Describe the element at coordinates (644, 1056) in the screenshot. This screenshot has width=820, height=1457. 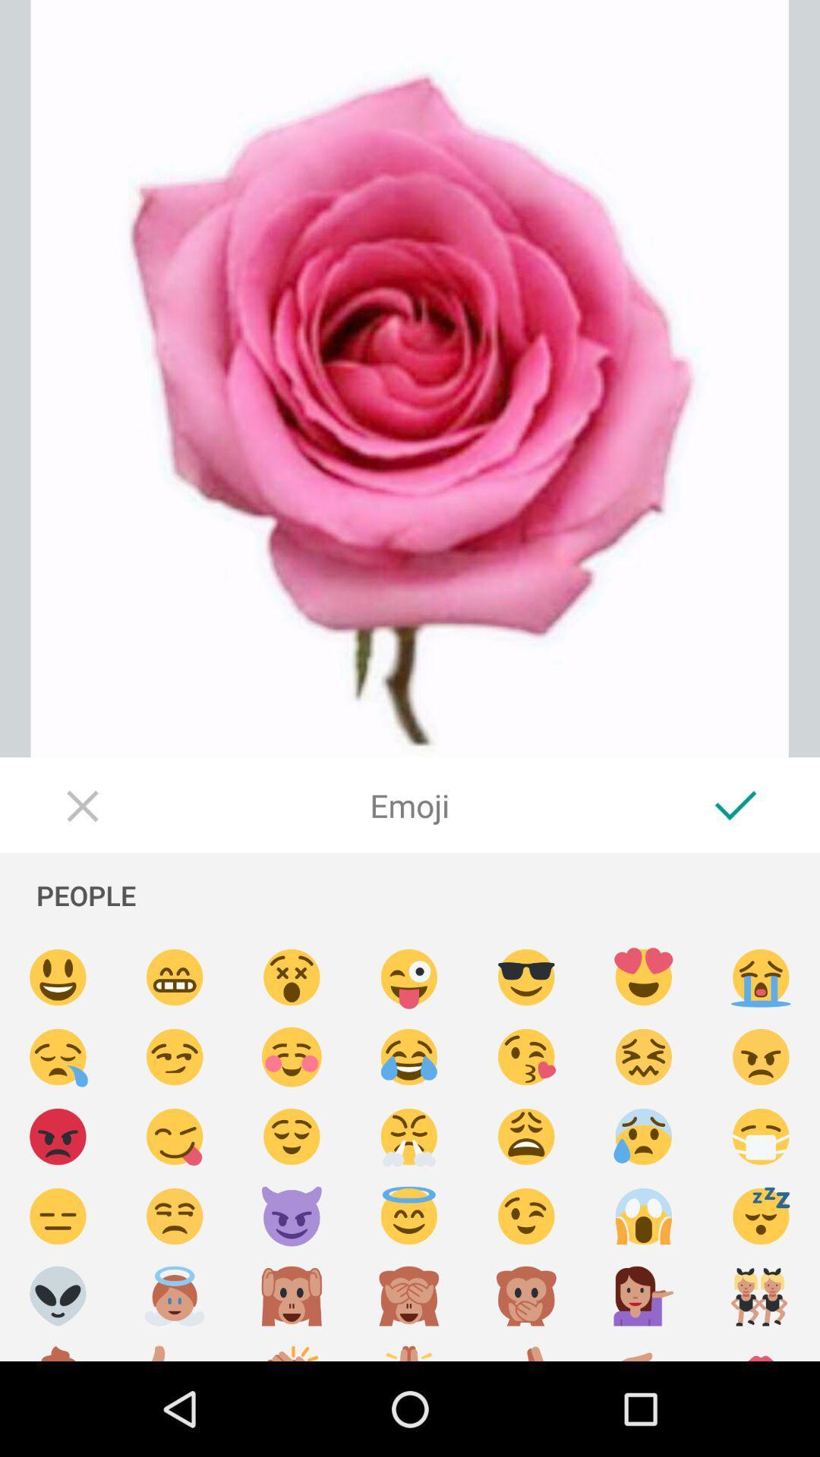
I see `woozy face emoji` at that location.